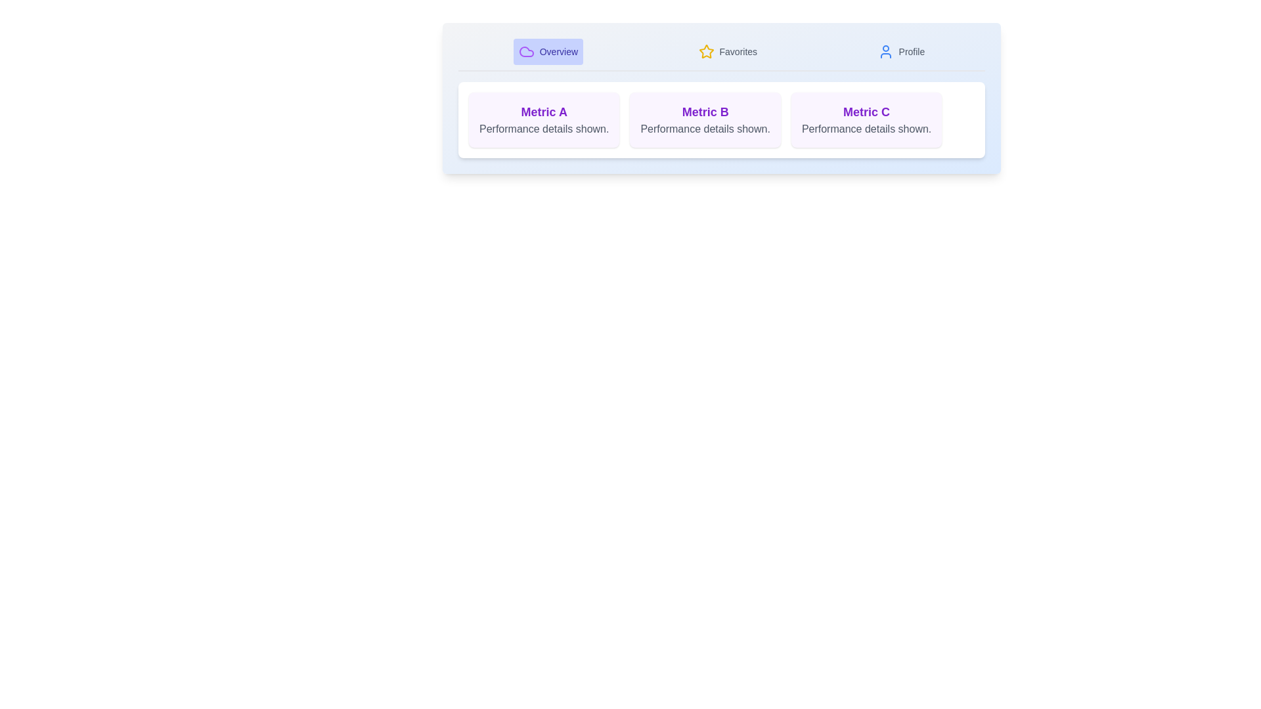  What do you see at coordinates (866, 119) in the screenshot?
I see `the card for Metric C to inspect its details` at bounding box center [866, 119].